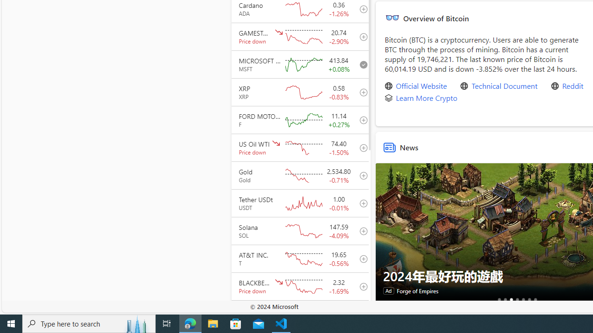 The width and height of the screenshot is (593, 333). What do you see at coordinates (504, 86) in the screenshot?
I see `'Technical Document'` at bounding box center [504, 86].